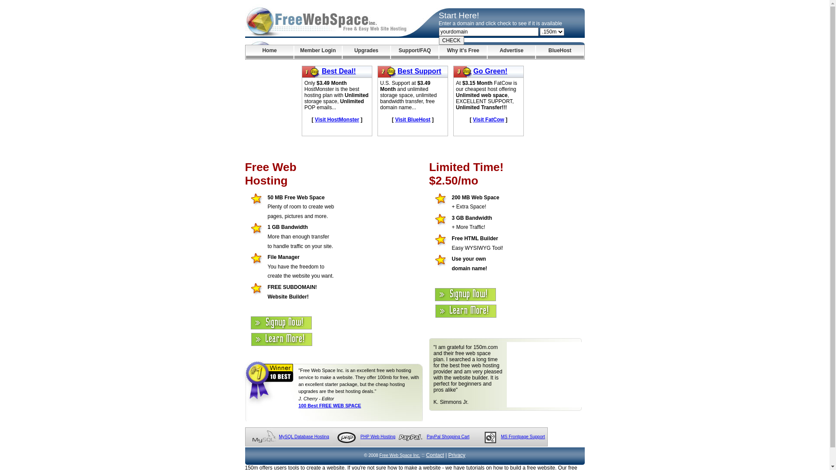 The width and height of the screenshot is (836, 470). I want to click on '100 Best FREE WEB SPACE', so click(299, 406).